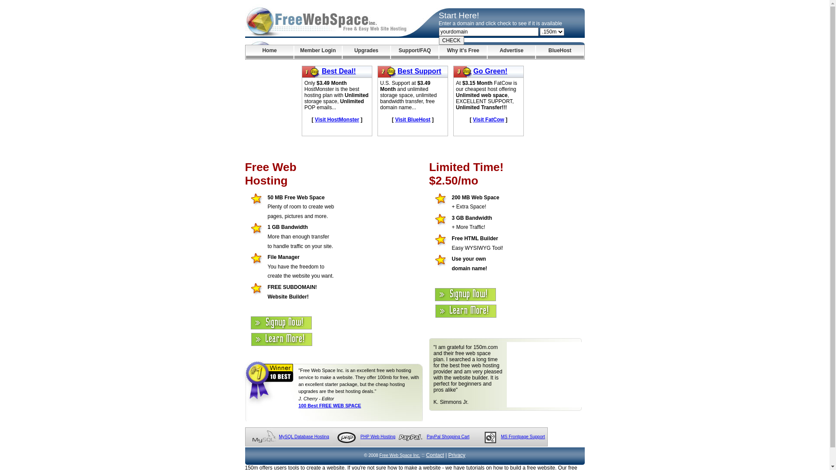 The width and height of the screenshot is (836, 470). I want to click on '100 Best FREE WEB SPACE', so click(299, 406).